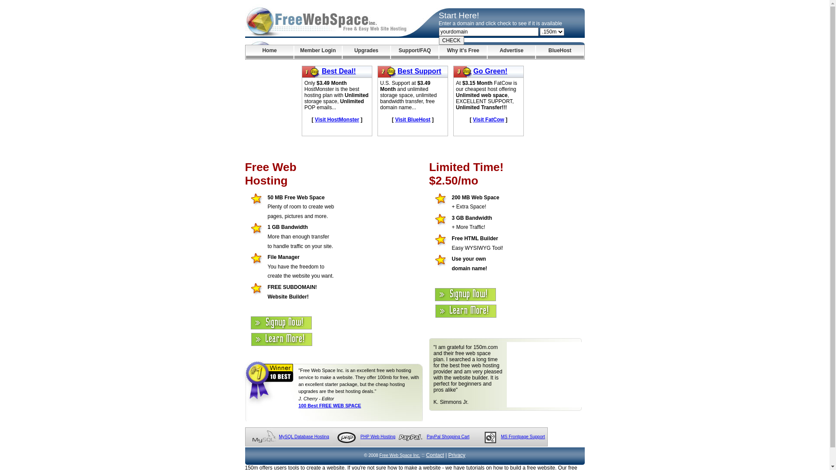 The width and height of the screenshot is (836, 470). I want to click on '100 Best FREE WEB SPACE', so click(299, 406).